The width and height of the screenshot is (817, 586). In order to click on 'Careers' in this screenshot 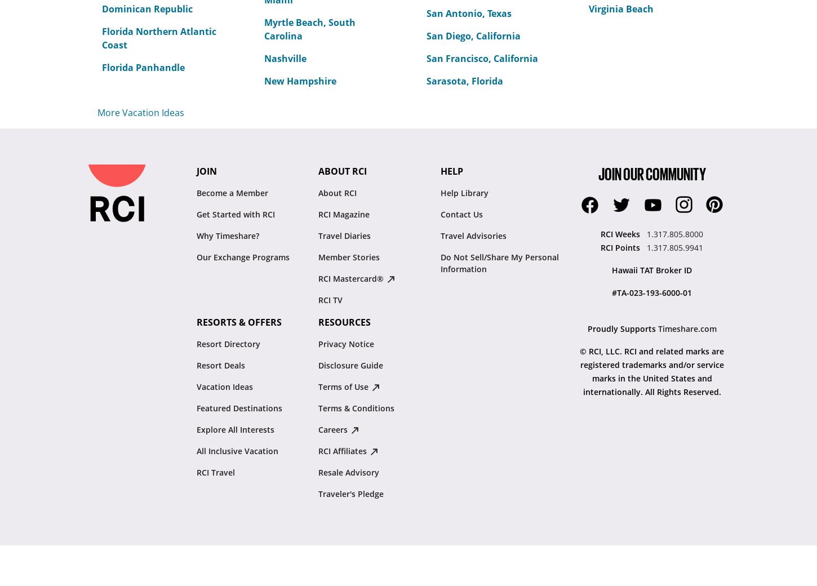, I will do `click(334, 429)`.